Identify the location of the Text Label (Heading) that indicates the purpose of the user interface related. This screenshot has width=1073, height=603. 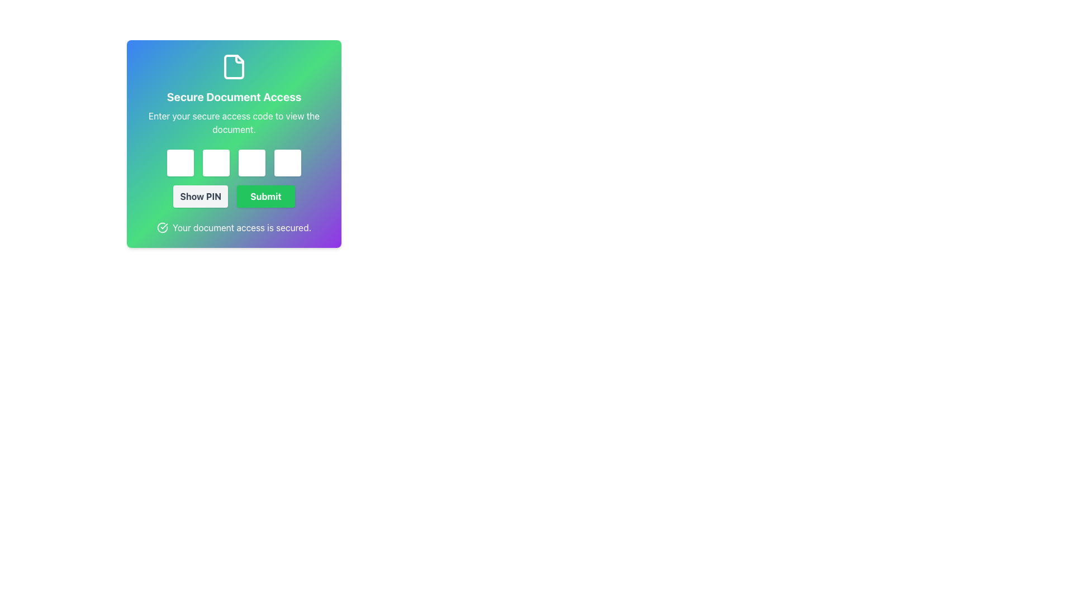
(233, 96).